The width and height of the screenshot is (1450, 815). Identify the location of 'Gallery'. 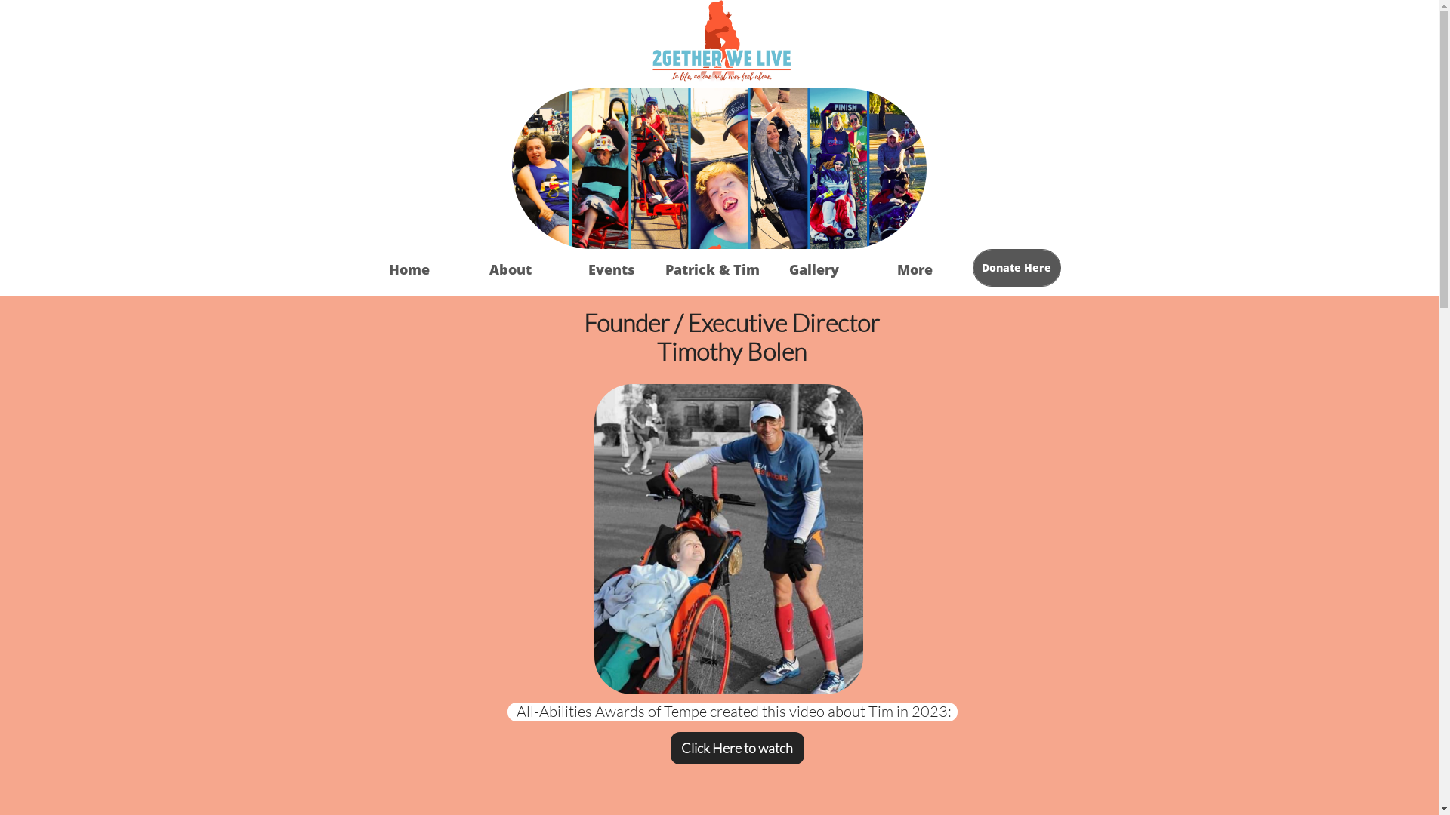
(762, 269).